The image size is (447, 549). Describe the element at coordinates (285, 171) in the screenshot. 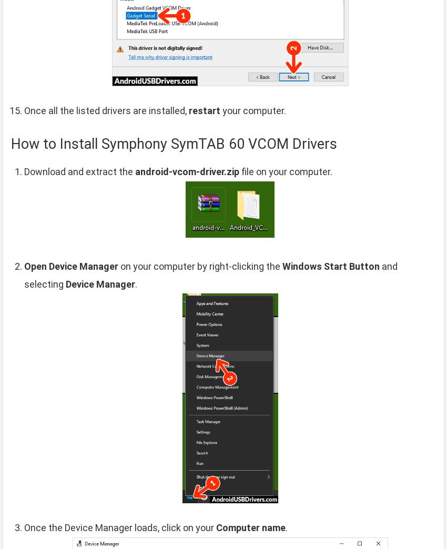

I see `'file on your computer.'` at that location.